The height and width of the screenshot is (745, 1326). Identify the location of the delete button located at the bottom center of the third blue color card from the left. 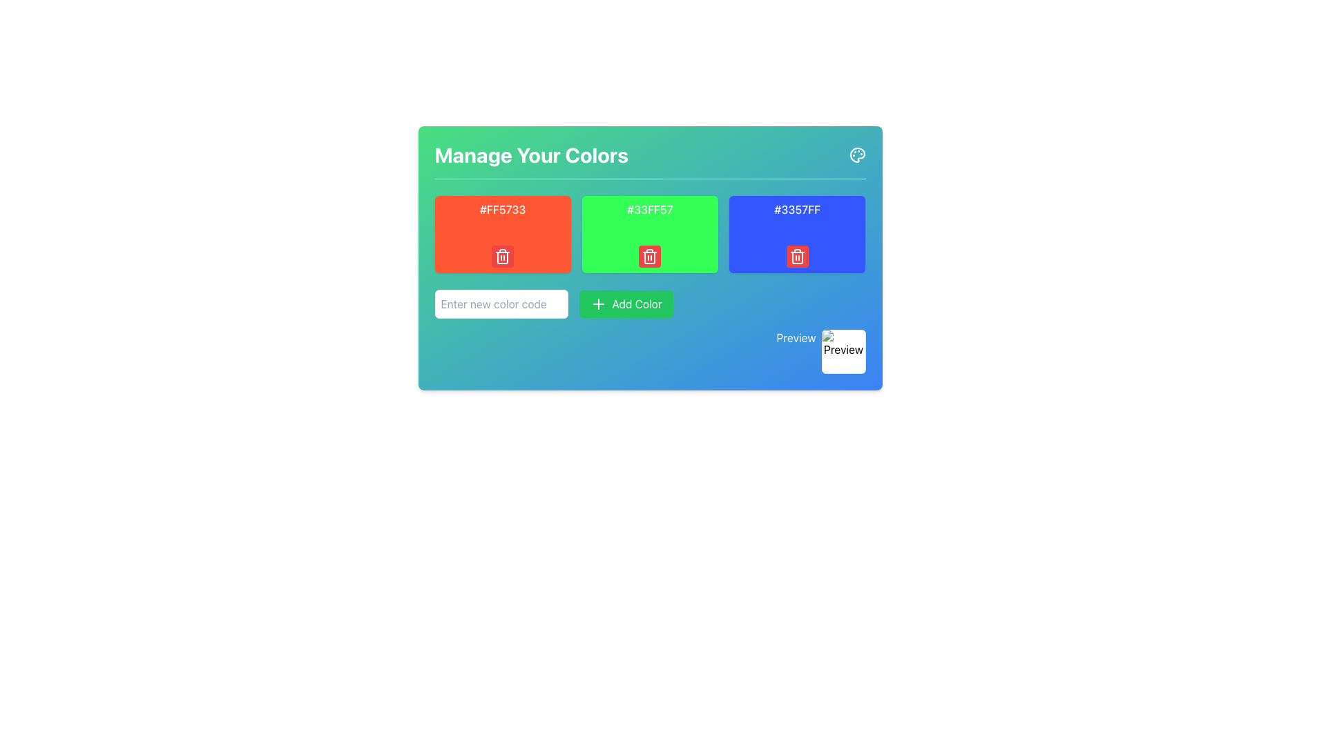
(797, 256).